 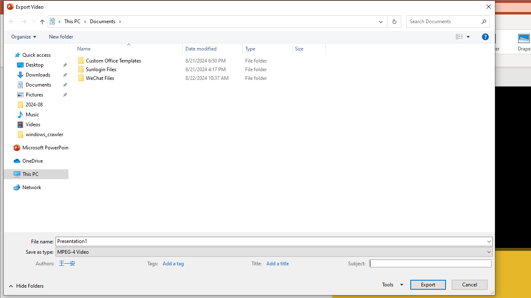 I want to click on 'Tools', so click(x=391, y=284).